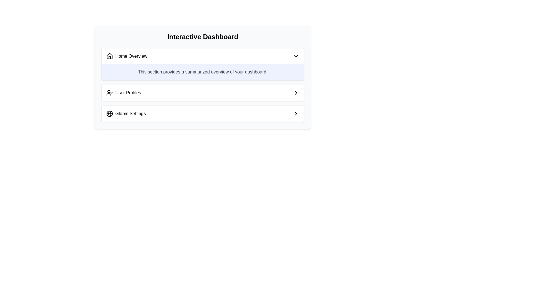 Image resolution: width=540 pixels, height=304 pixels. I want to click on the 'User Profiles' button, which is the second item in the vertical list on the dashboard interface, so click(202, 93).